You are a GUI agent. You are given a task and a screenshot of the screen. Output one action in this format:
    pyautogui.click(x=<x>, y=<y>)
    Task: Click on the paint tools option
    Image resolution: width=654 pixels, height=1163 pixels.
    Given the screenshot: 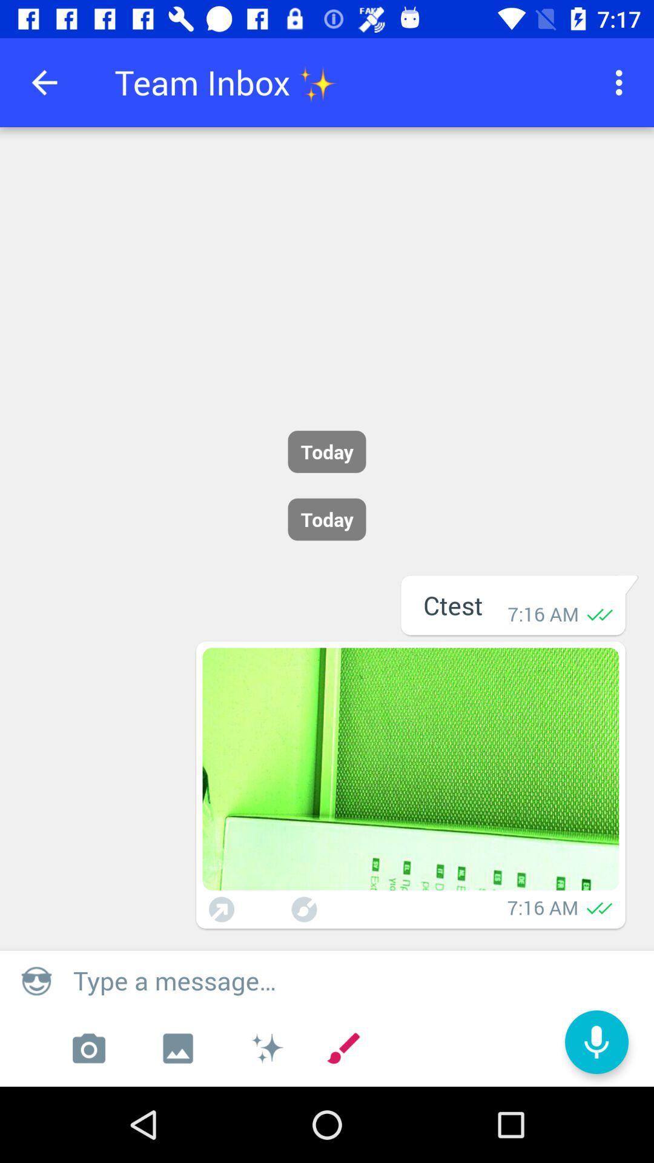 What is the action you would take?
    pyautogui.click(x=266, y=1048)
    